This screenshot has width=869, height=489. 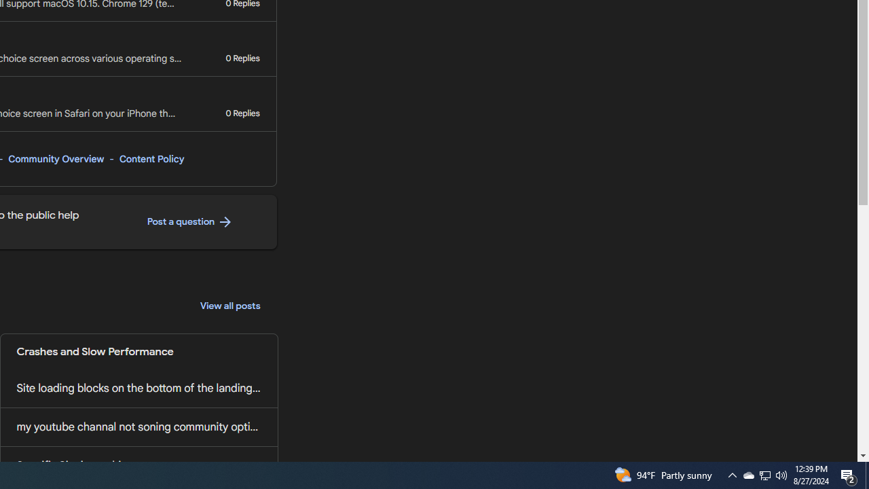 What do you see at coordinates (151, 158) in the screenshot?
I see `'Content Policy'` at bounding box center [151, 158].